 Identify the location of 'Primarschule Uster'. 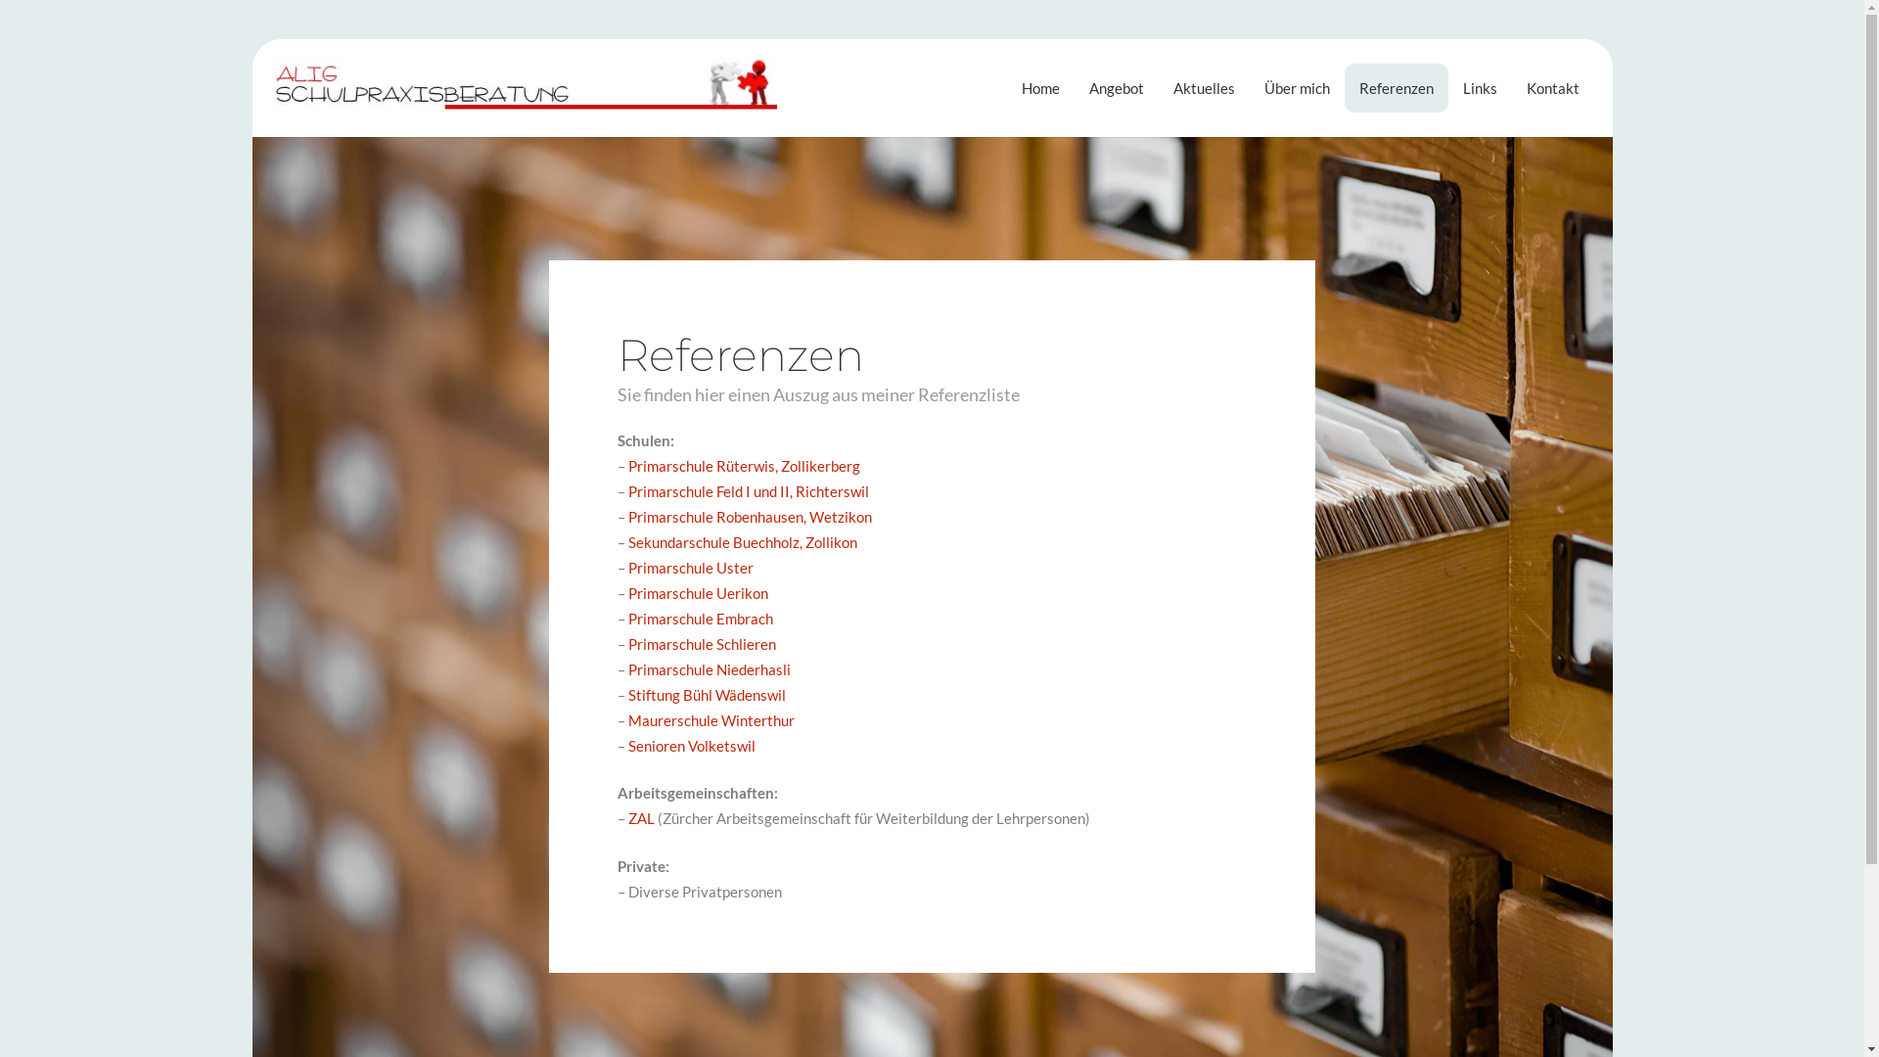
(690, 567).